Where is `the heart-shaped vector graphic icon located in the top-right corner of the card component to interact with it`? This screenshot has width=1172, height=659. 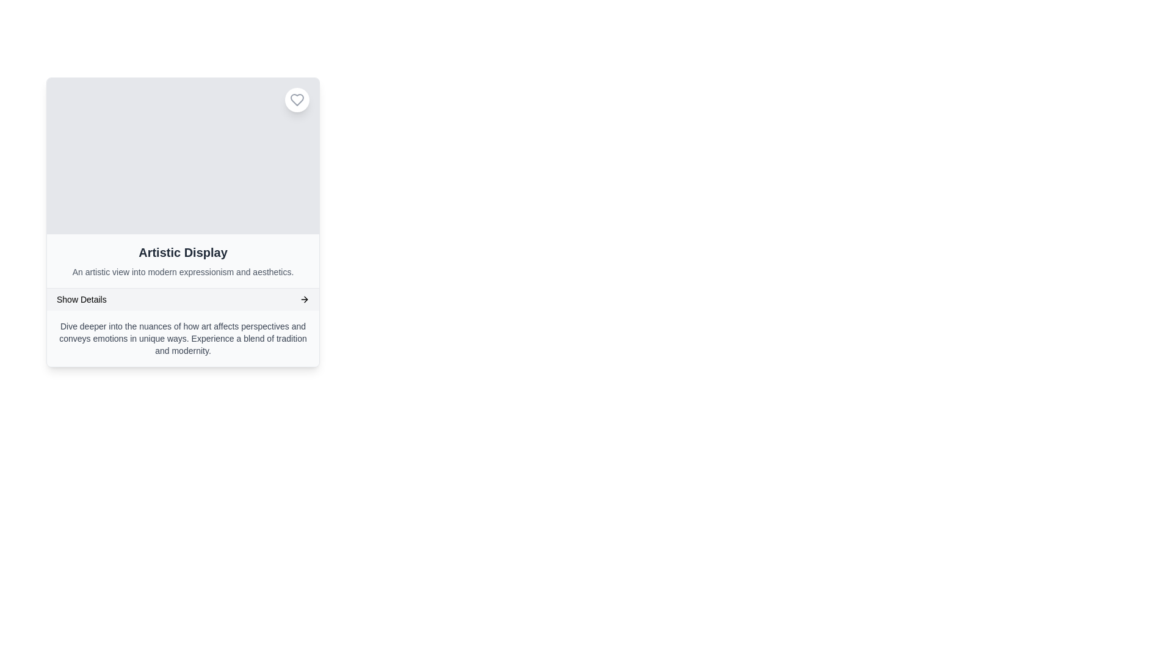
the heart-shaped vector graphic icon located in the top-right corner of the card component to interact with it is located at coordinates (297, 99).